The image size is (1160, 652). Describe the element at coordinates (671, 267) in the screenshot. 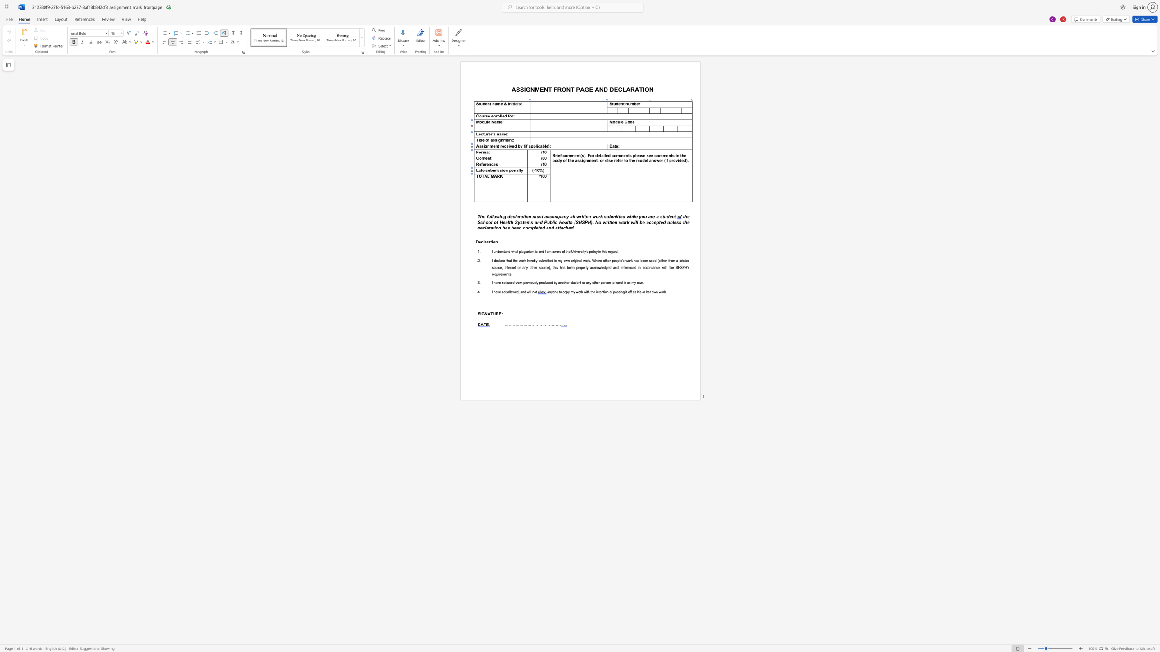

I see `the space between the continuous character "h" and "e" in the text` at that location.